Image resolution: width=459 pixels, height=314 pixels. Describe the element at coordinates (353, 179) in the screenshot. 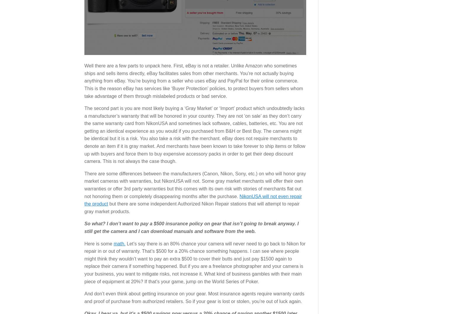

I see `'Privacy Policy'` at that location.